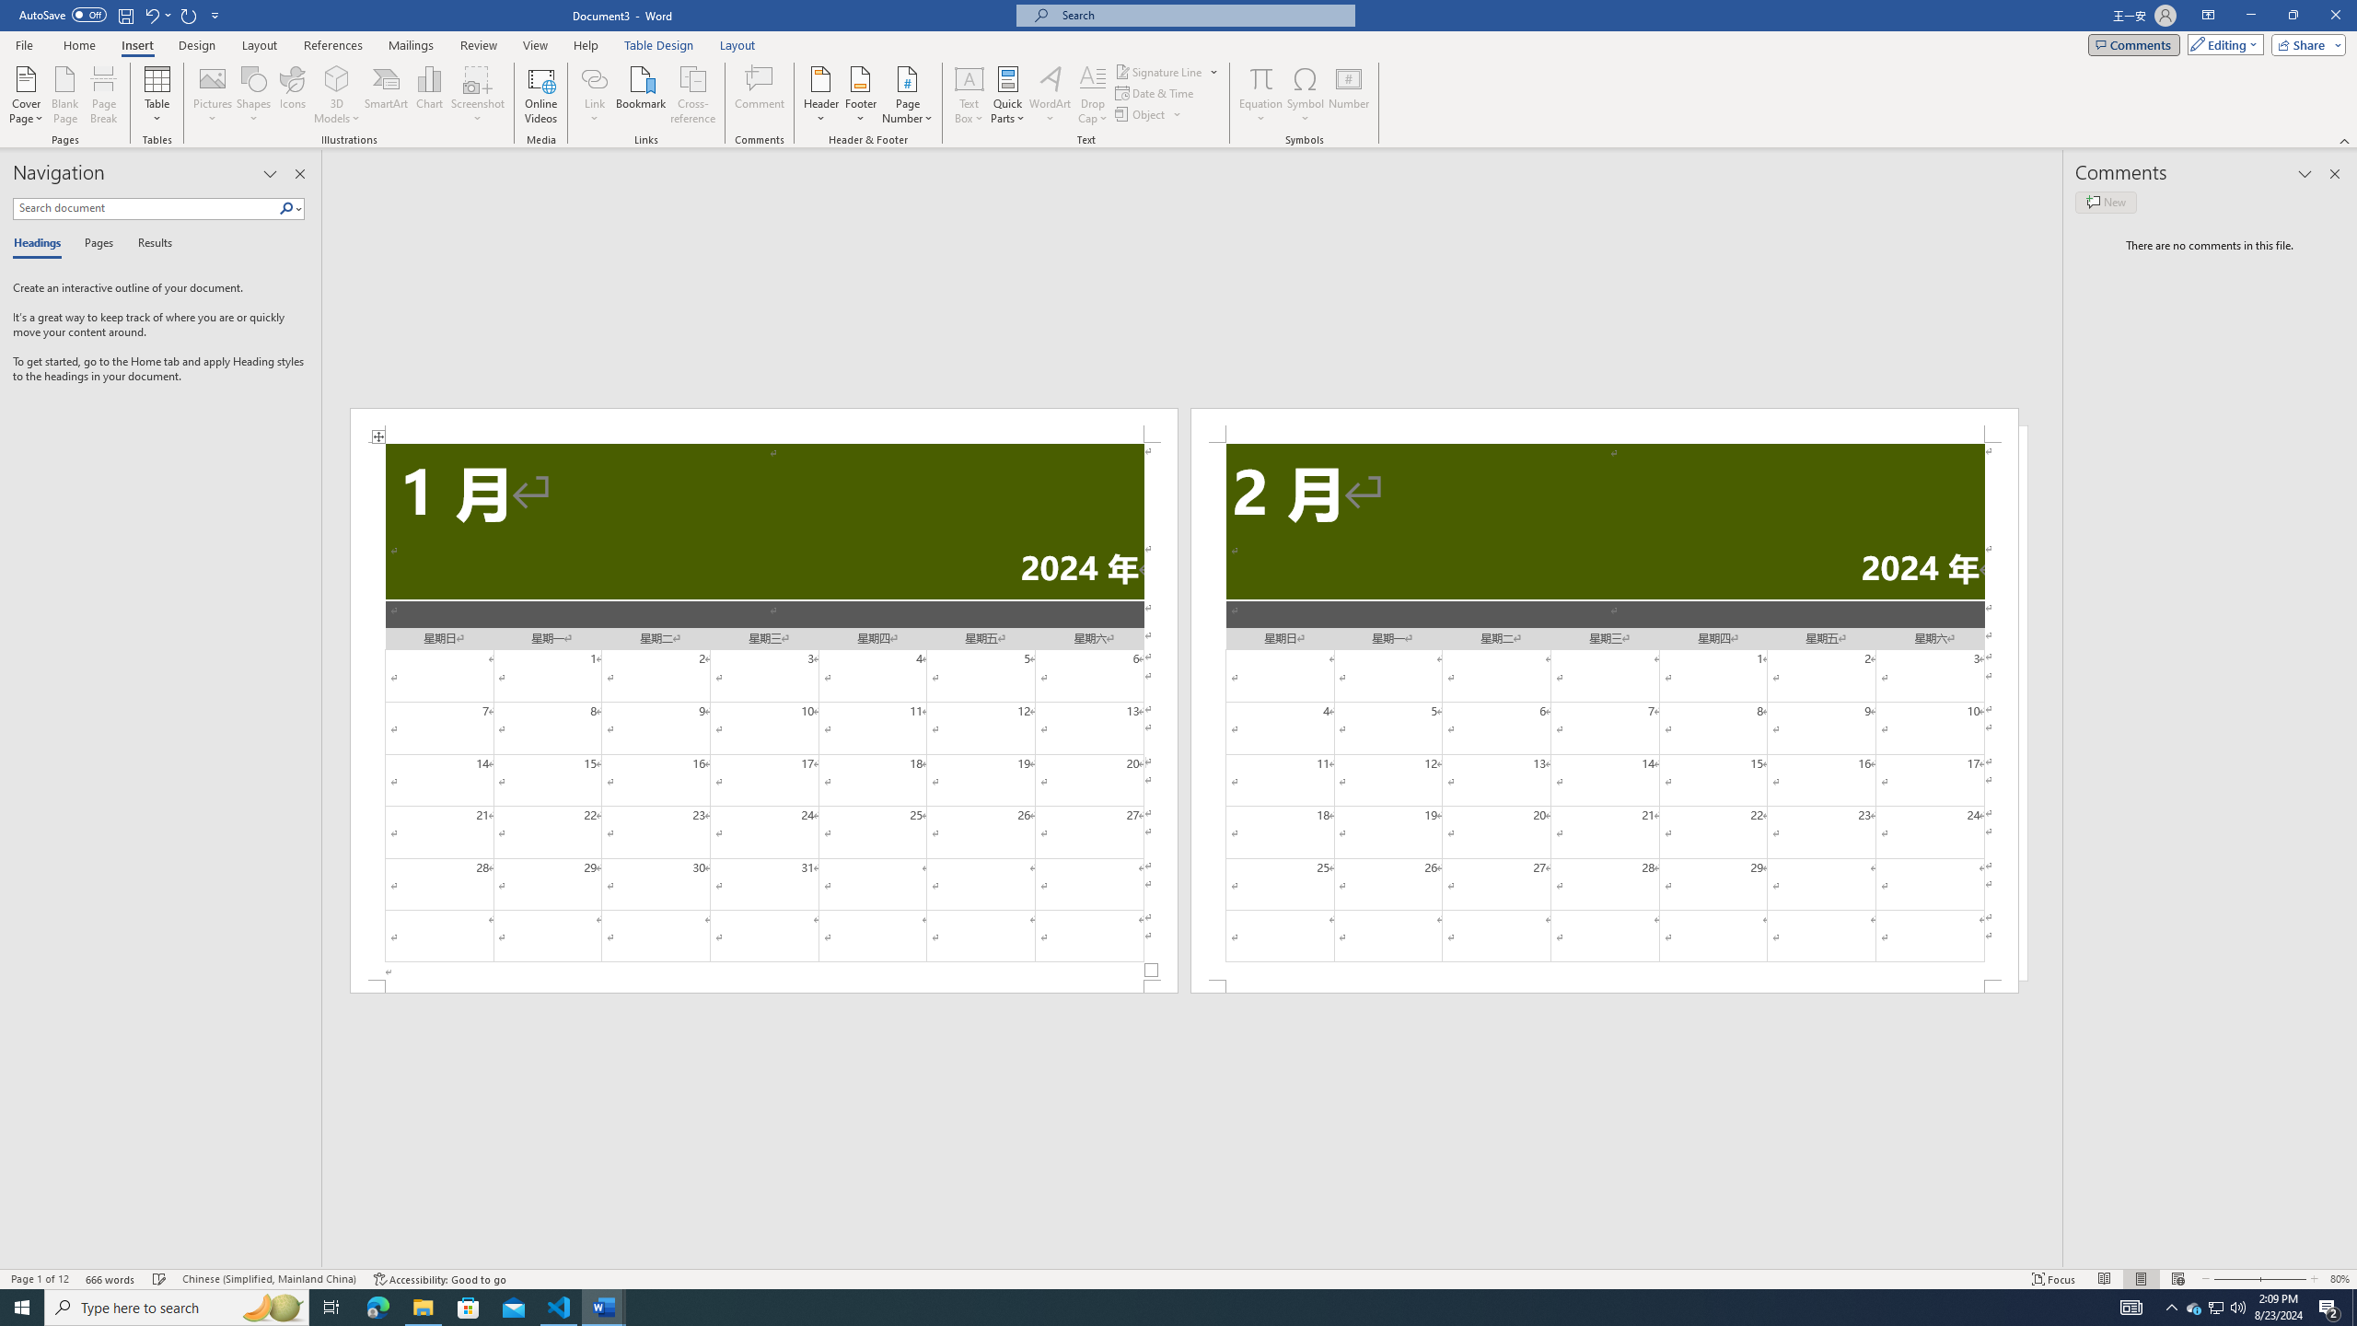 The height and width of the screenshot is (1326, 2357). I want to click on 'Web Layout', so click(2177, 1279).